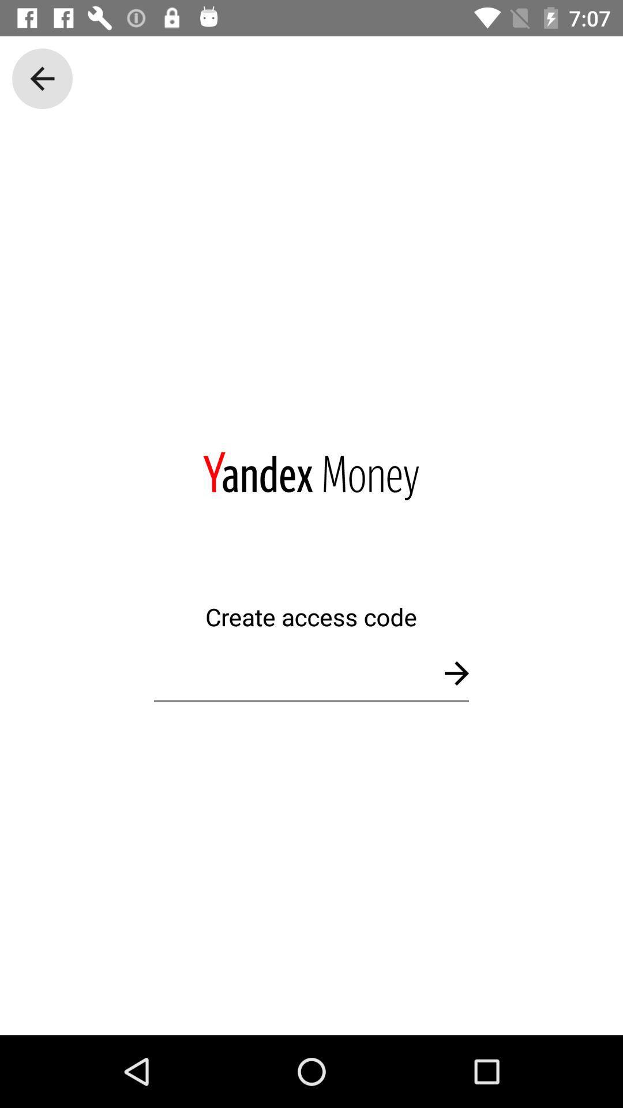 The height and width of the screenshot is (1108, 623). Describe the element at coordinates (311, 673) in the screenshot. I see `type access code` at that location.